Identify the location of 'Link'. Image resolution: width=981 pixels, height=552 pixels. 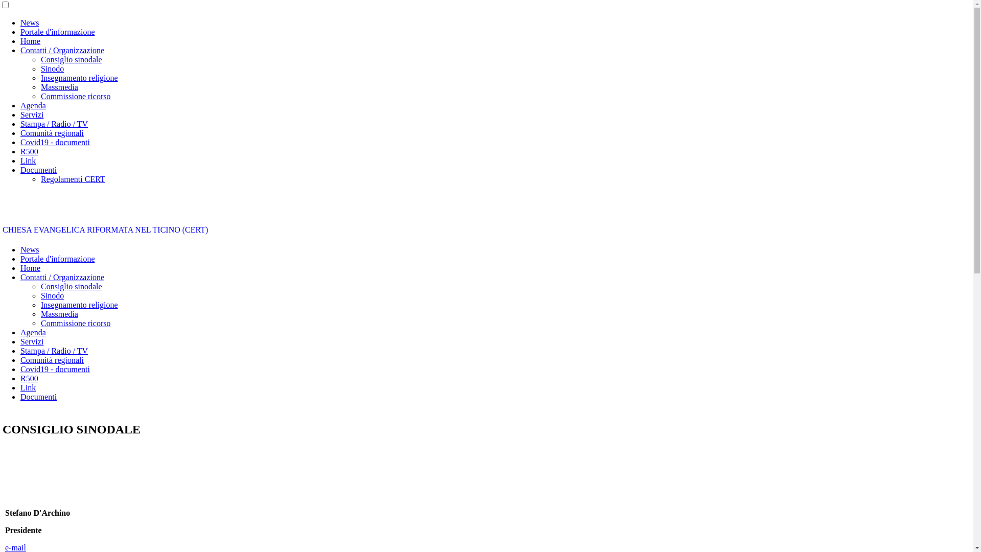
(28, 160).